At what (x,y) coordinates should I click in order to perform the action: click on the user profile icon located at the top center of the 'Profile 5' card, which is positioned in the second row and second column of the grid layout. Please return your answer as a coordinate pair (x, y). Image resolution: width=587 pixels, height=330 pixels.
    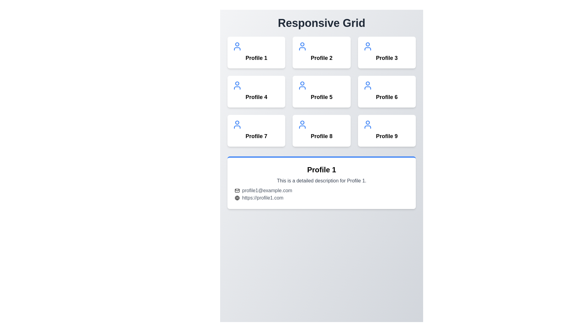
    Looking at the image, I should click on (302, 86).